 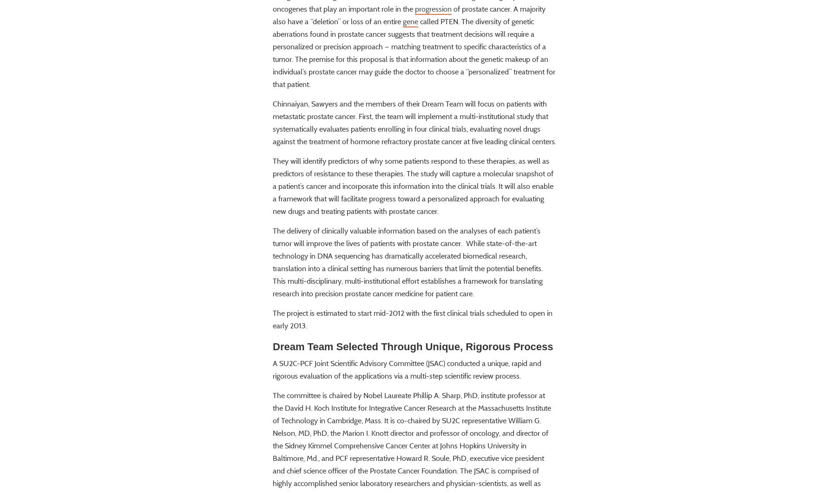 What do you see at coordinates (413, 79) in the screenshot?
I see `'called PTEN. The diversity of genetic aberrations found in prostate cancer suggests that treatment decisions will require a personalized or precision approach — matching treatment to specific characteristics of a tumor. The premise for this proposal is that information about the genetic makeup of an individual’s prostate cancer may guide the doctor to choose a “personalized” treatment for that patient.'` at bounding box center [413, 79].